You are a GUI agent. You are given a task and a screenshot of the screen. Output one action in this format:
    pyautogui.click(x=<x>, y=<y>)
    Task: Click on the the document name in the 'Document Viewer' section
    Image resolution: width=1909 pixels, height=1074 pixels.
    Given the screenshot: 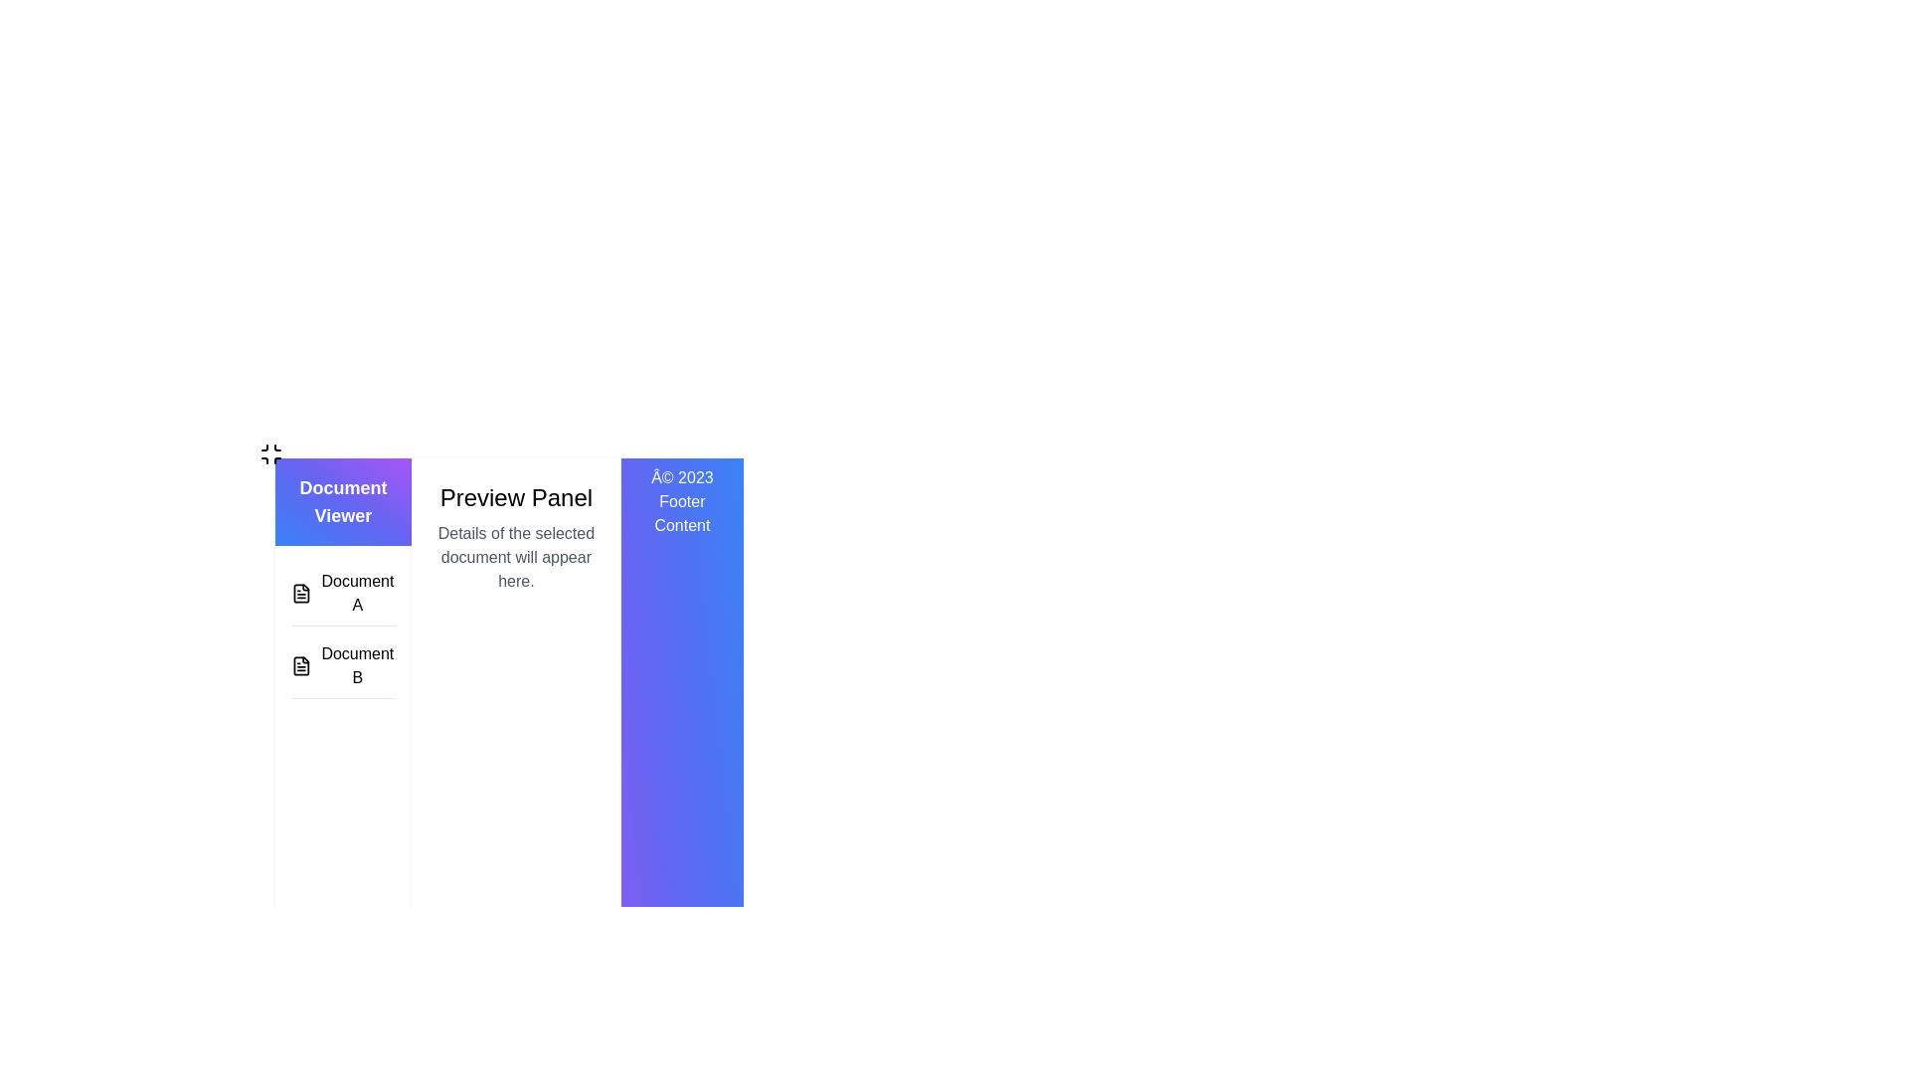 What is the action you would take?
    pyautogui.click(x=343, y=629)
    